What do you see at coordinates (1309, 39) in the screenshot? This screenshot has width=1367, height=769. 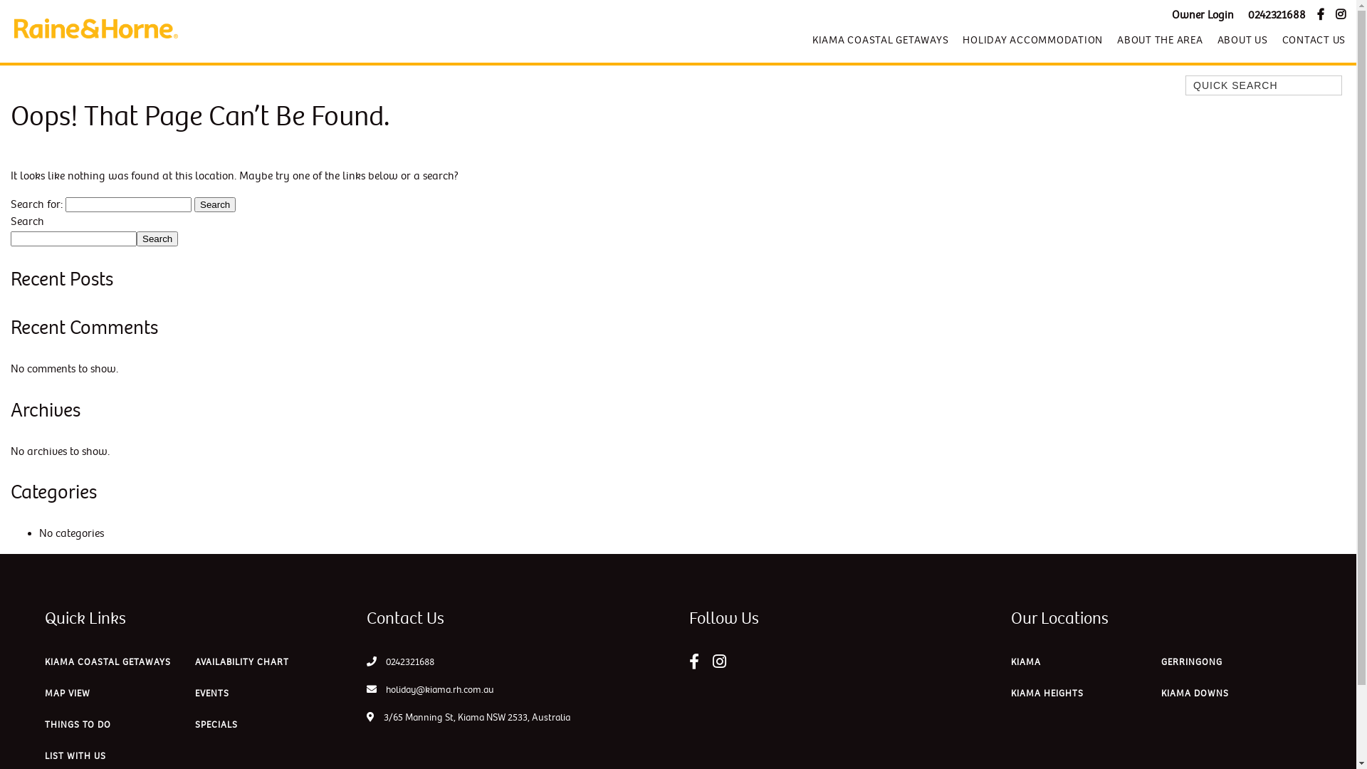 I see `'CONTACT US'` at bounding box center [1309, 39].